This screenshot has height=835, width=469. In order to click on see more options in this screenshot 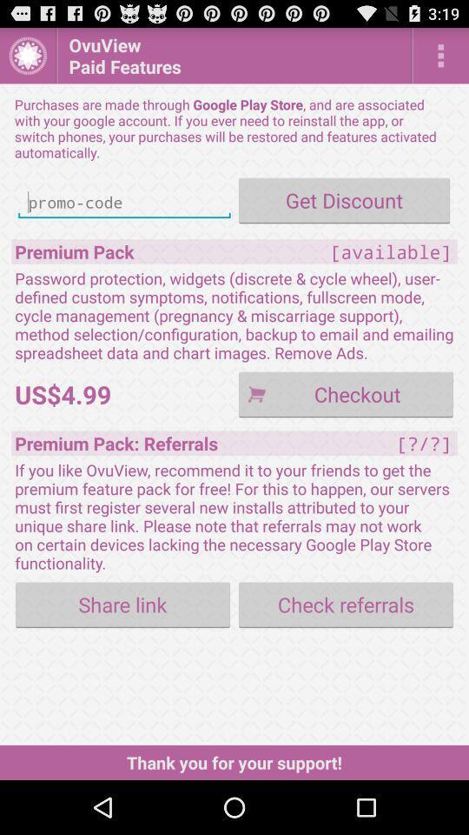, I will do `click(440, 55)`.